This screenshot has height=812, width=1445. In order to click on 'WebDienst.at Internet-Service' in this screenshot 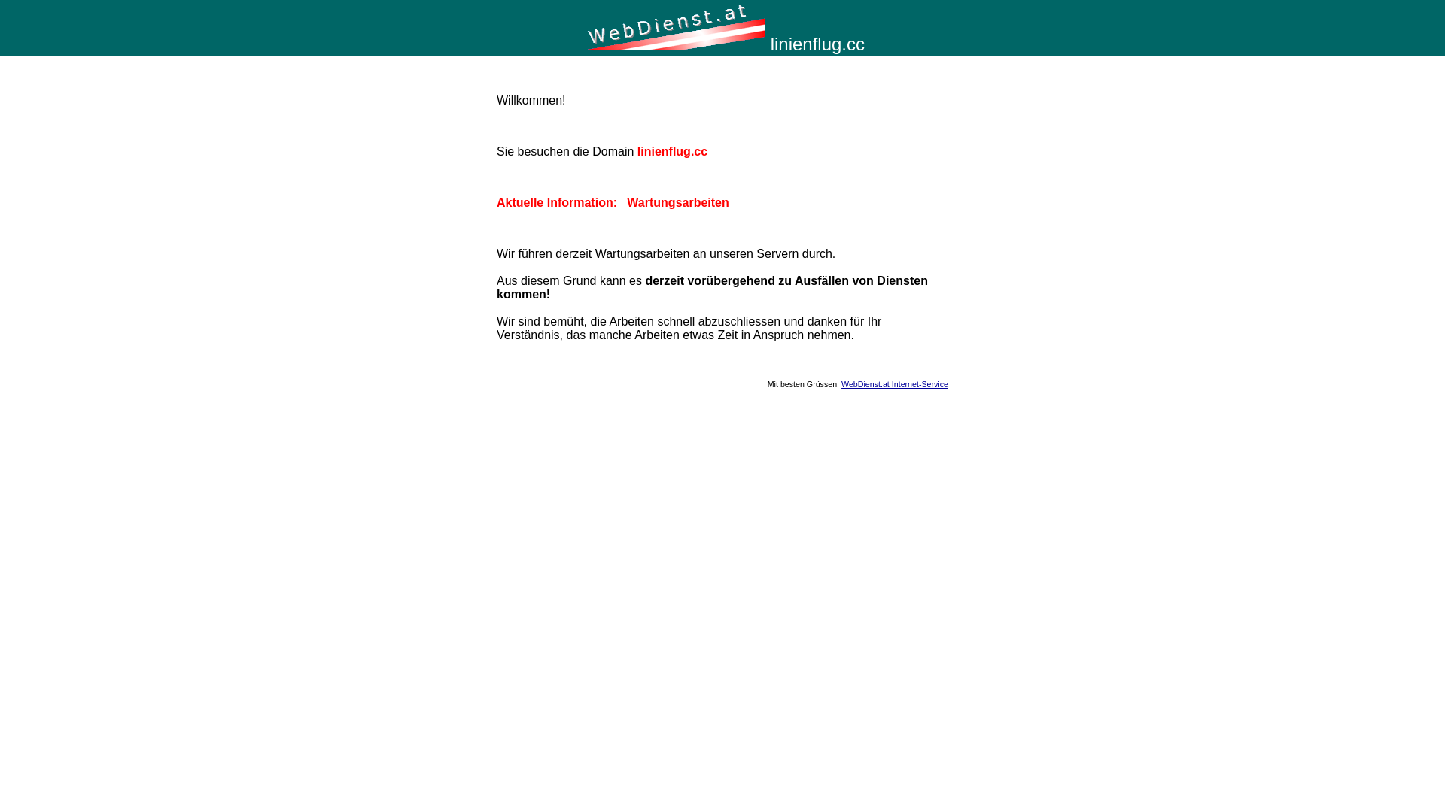, I will do `click(841, 383)`.